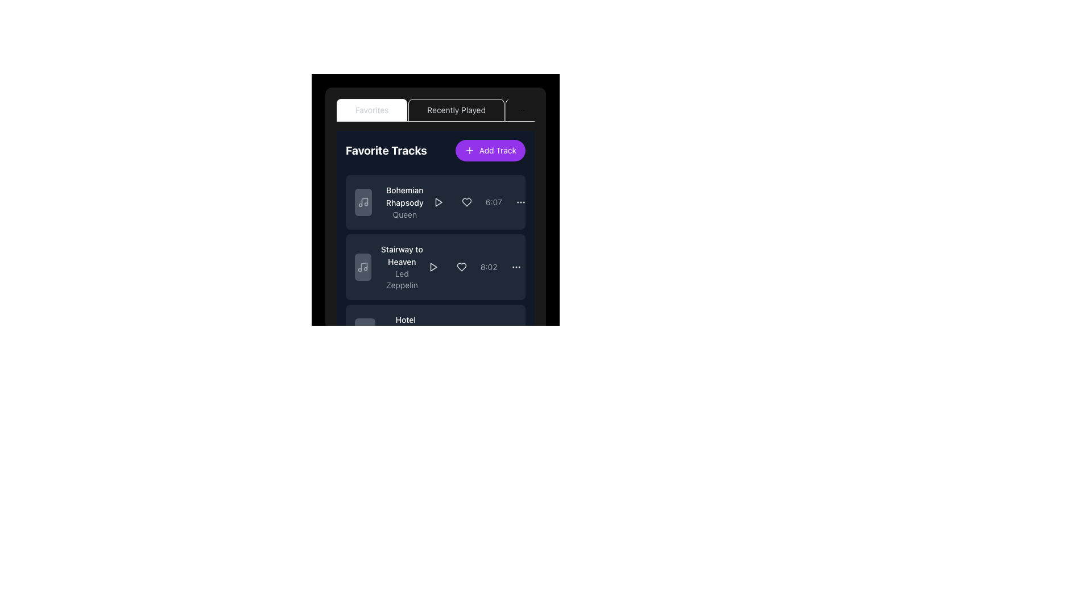 The image size is (1092, 614). What do you see at coordinates (362, 201) in the screenshot?
I see `the decorative music icon located in the top-left corner of the 'Bohemian Rhapsody' listing item card in the 'Favorite Tracks' section` at bounding box center [362, 201].